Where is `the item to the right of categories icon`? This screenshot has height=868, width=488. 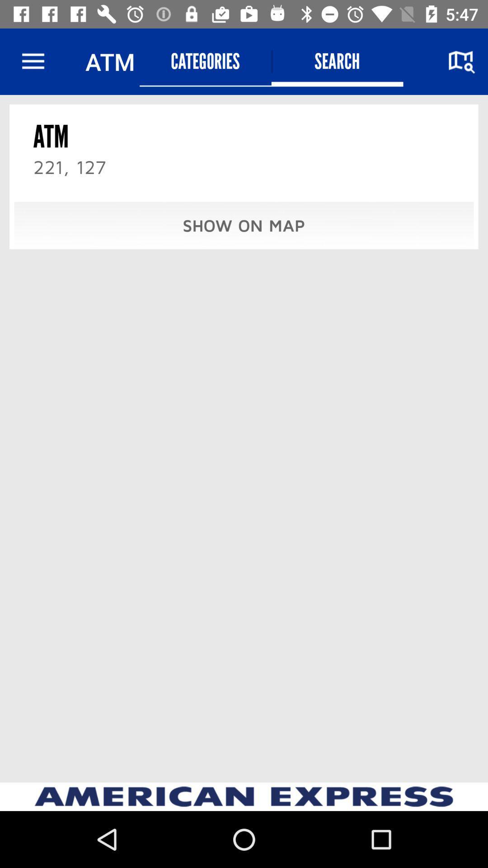 the item to the right of categories icon is located at coordinates (337, 61).